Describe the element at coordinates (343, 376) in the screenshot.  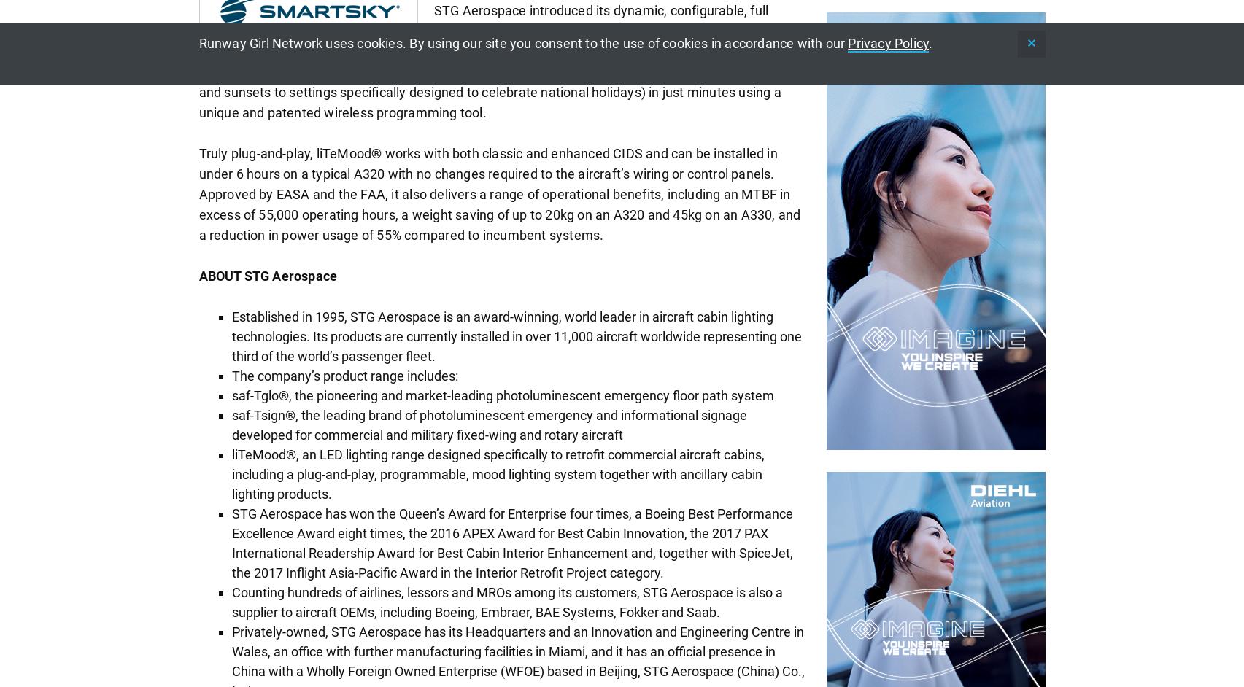
I see `'The company’s product range includes:'` at that location.